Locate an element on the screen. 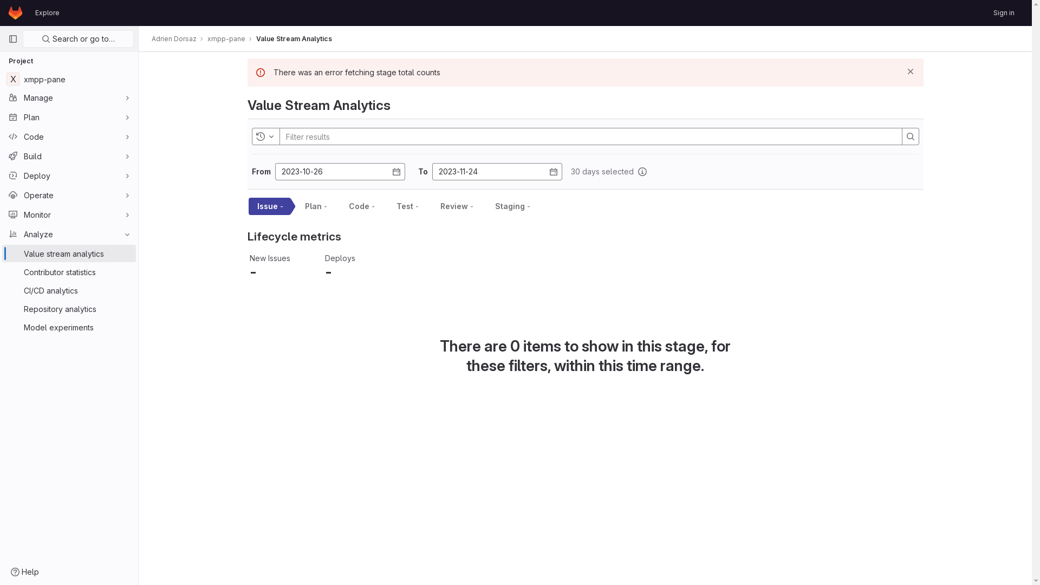 This screenshot has width=1040, height=585. 'Help' is located at coordinates (25, 571).